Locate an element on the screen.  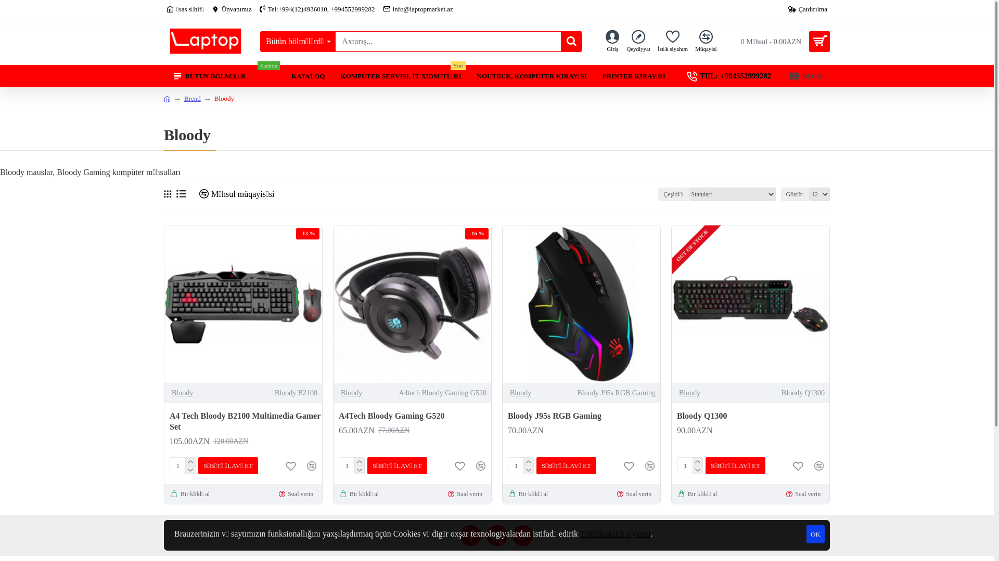
'TEL: +994552999282' is located at coordinates (679, 75).